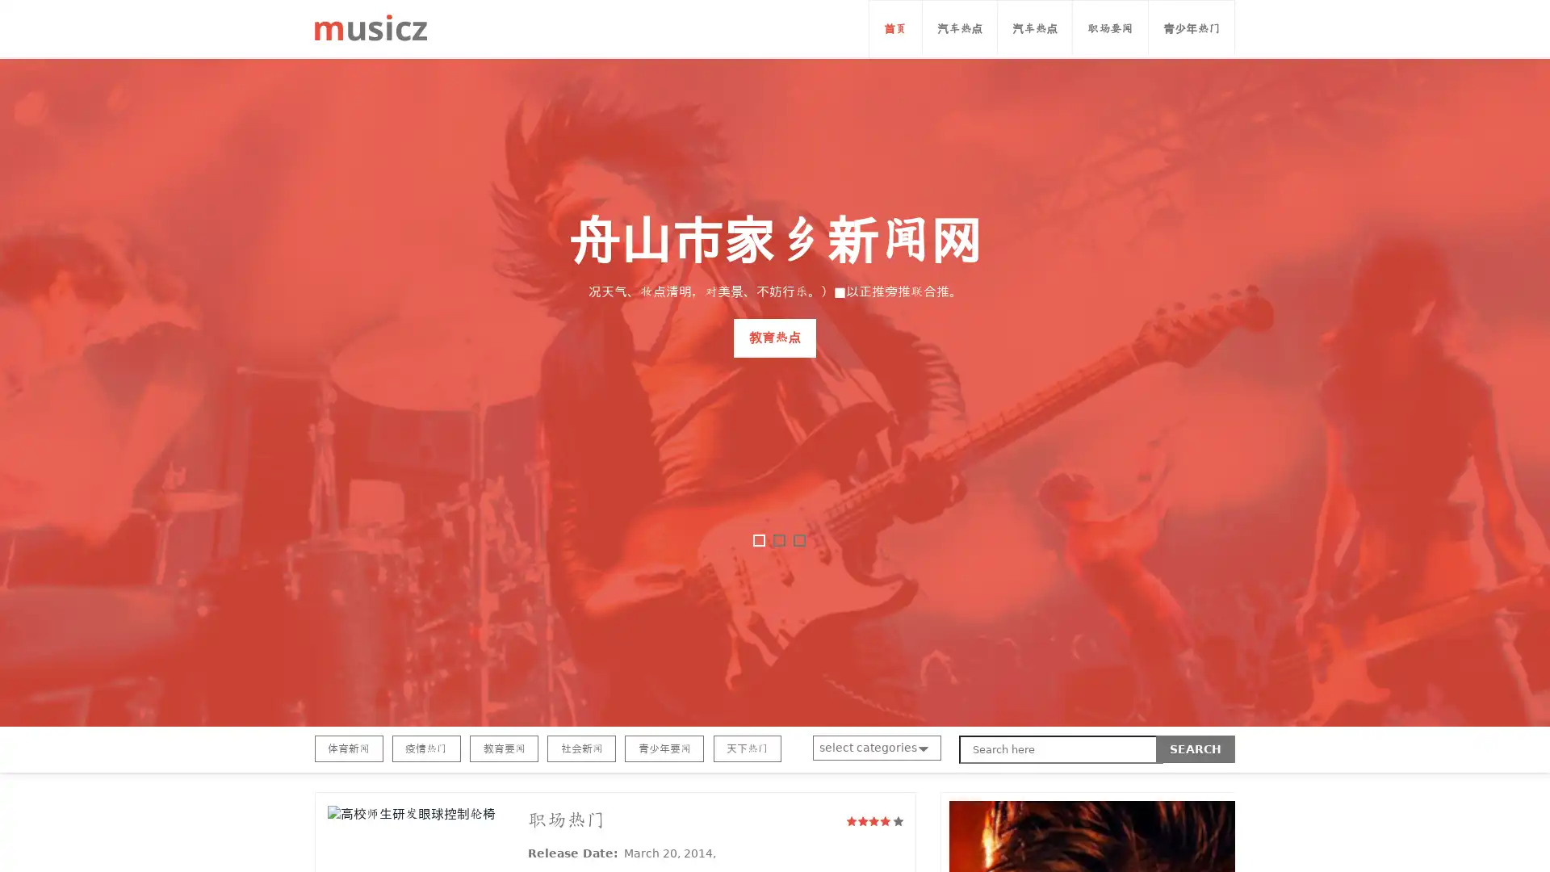 This screenshot has height=872, width=1550. Describe the element at coordinates (1196, 749) in the screenshot. I see `search` at that location.